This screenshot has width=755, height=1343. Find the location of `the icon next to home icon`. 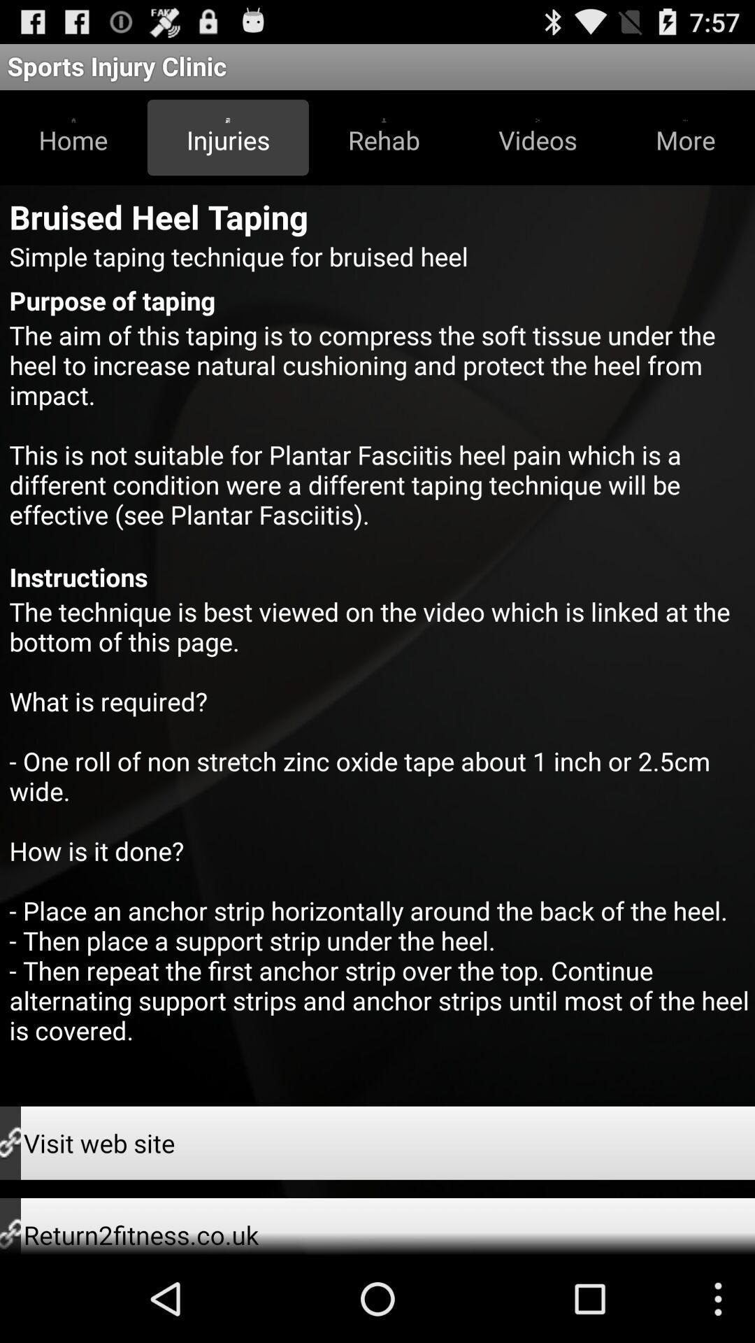

the icon next to home icon is located at coordinates (227, 137).